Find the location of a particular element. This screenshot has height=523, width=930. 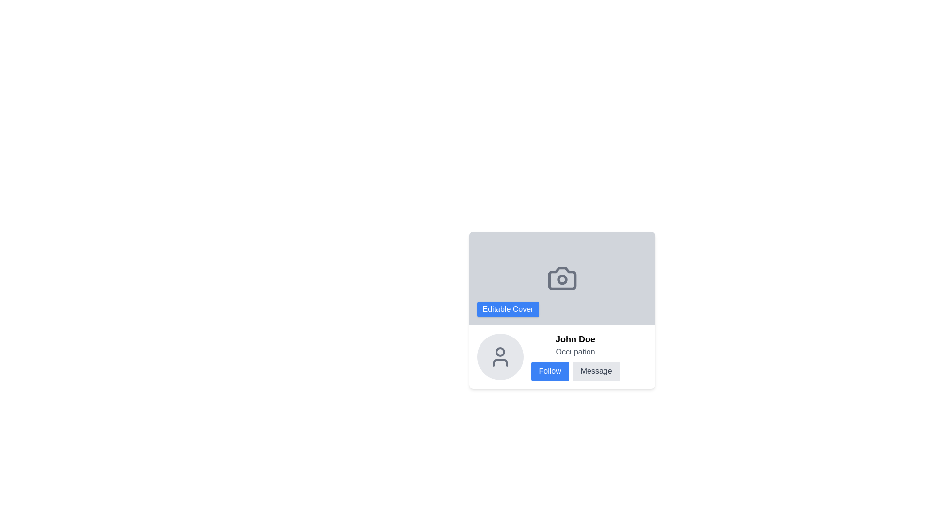

the camera icon in the cover editing section, which is visually represented as an SVG camera outline against a light gray background is located at coordinates (562, 278).